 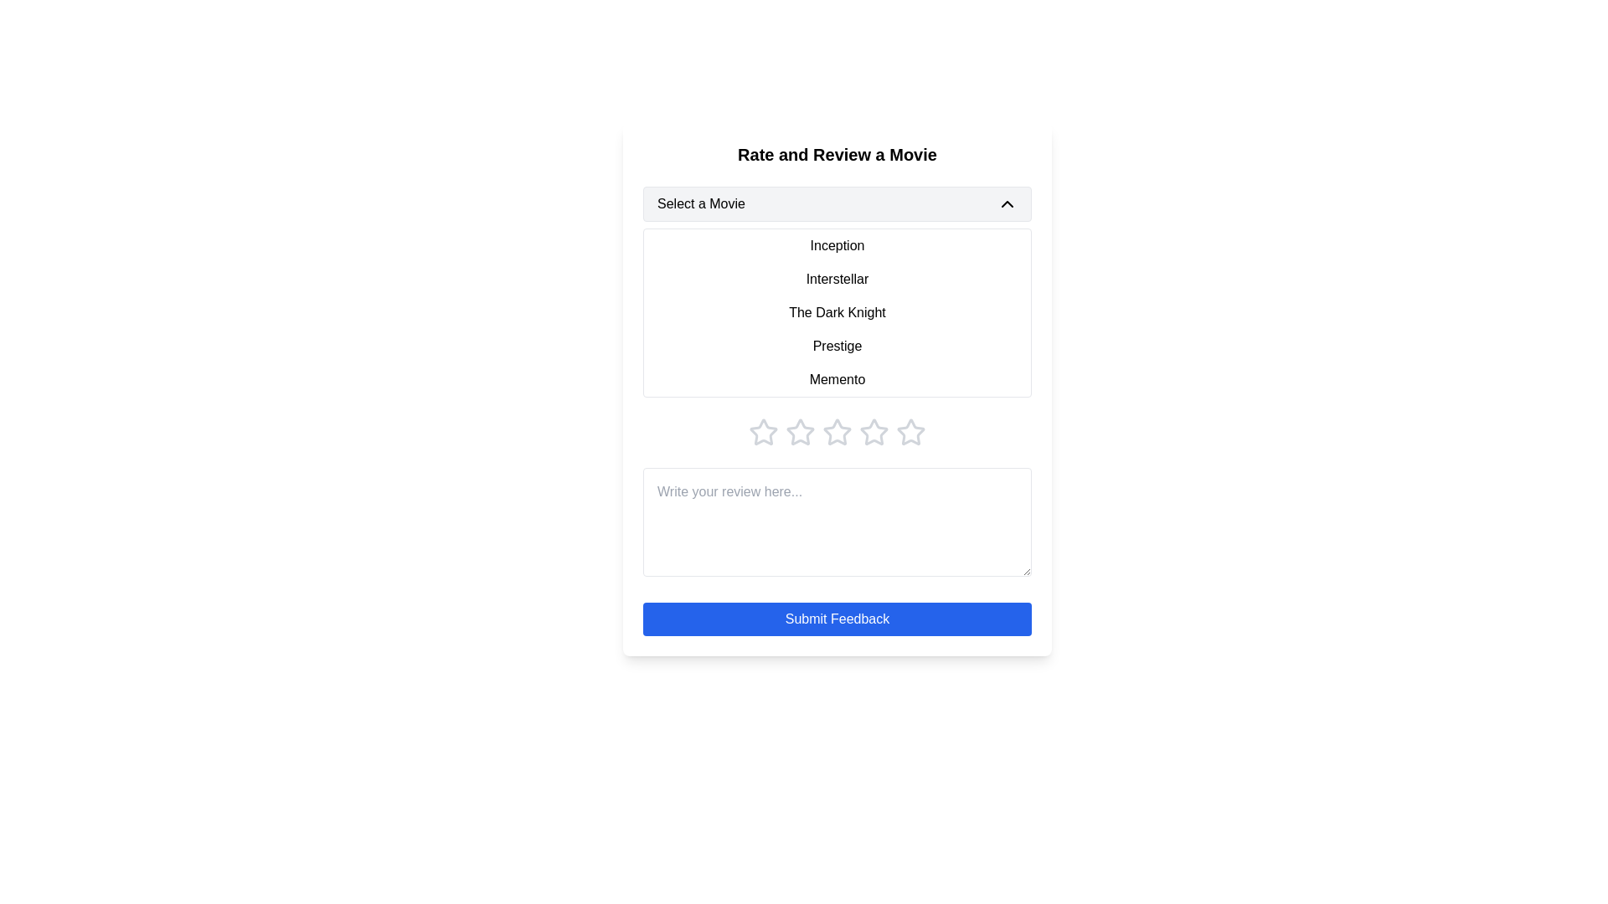 What do you see at coordinates (837, 290) in the screenshot?
I see `the dropdown menu labeled 'Select a Movie'` at bounding box center [837, 290].